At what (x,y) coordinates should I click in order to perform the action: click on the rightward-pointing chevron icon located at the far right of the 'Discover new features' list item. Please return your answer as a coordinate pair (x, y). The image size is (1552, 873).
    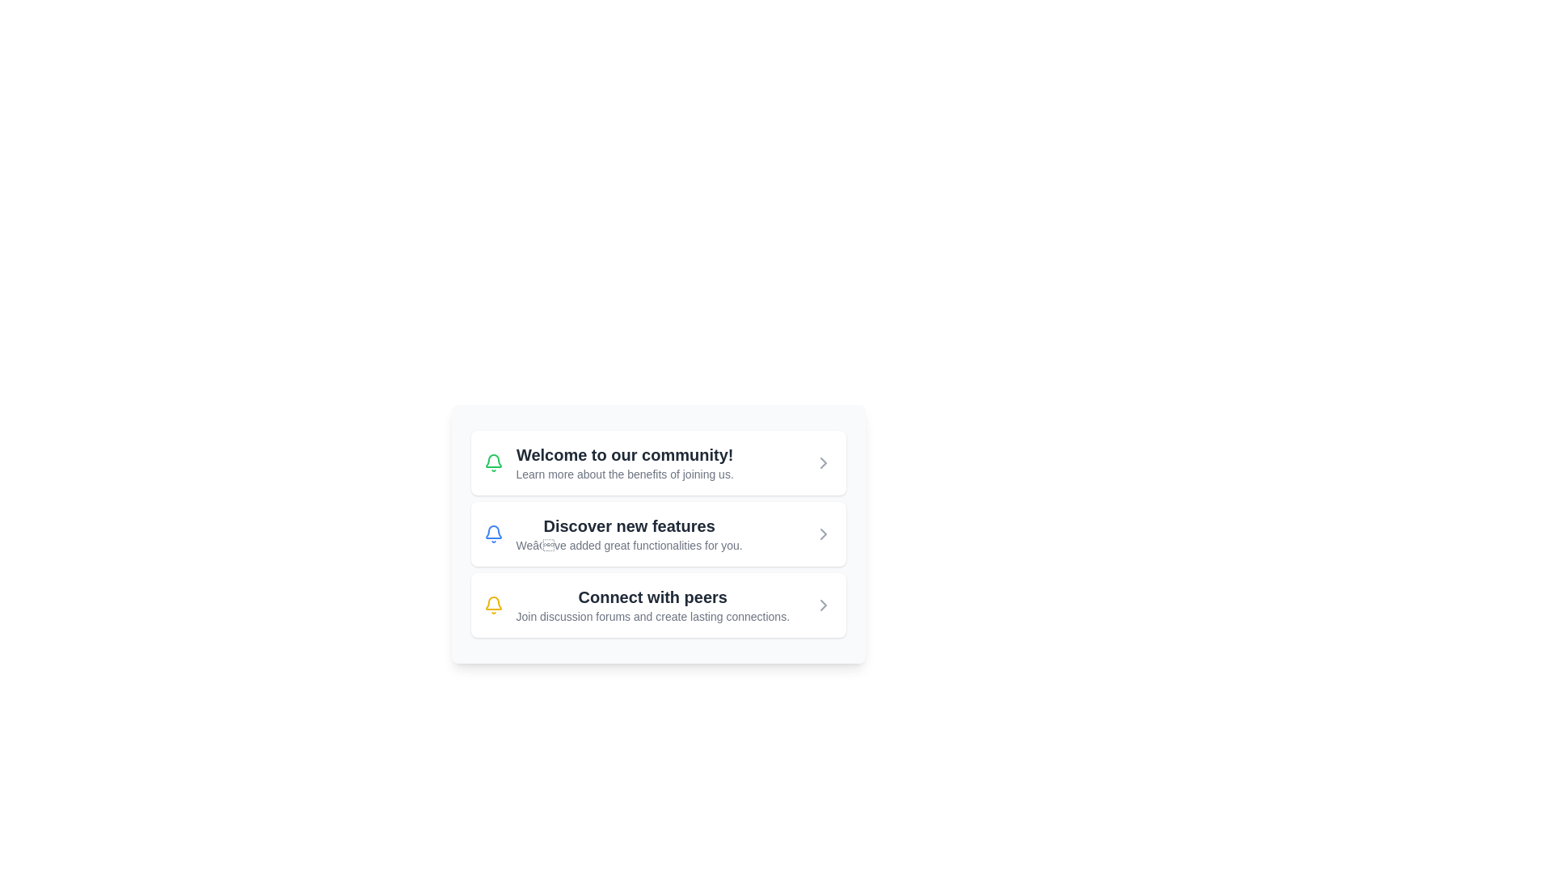
    Looking at the image, I should click on (823, 533).